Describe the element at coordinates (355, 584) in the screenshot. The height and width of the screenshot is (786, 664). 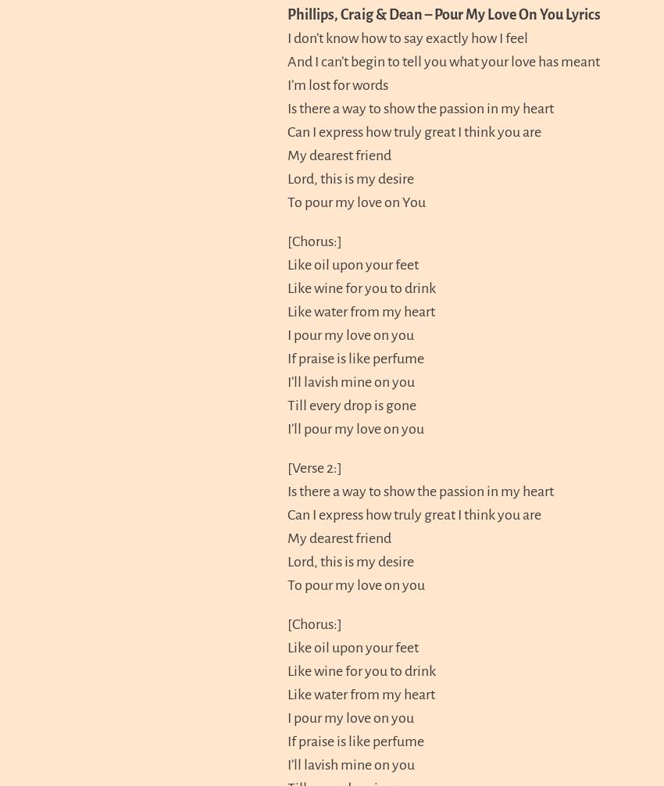
I see `'To pour my love on you'` at that location.